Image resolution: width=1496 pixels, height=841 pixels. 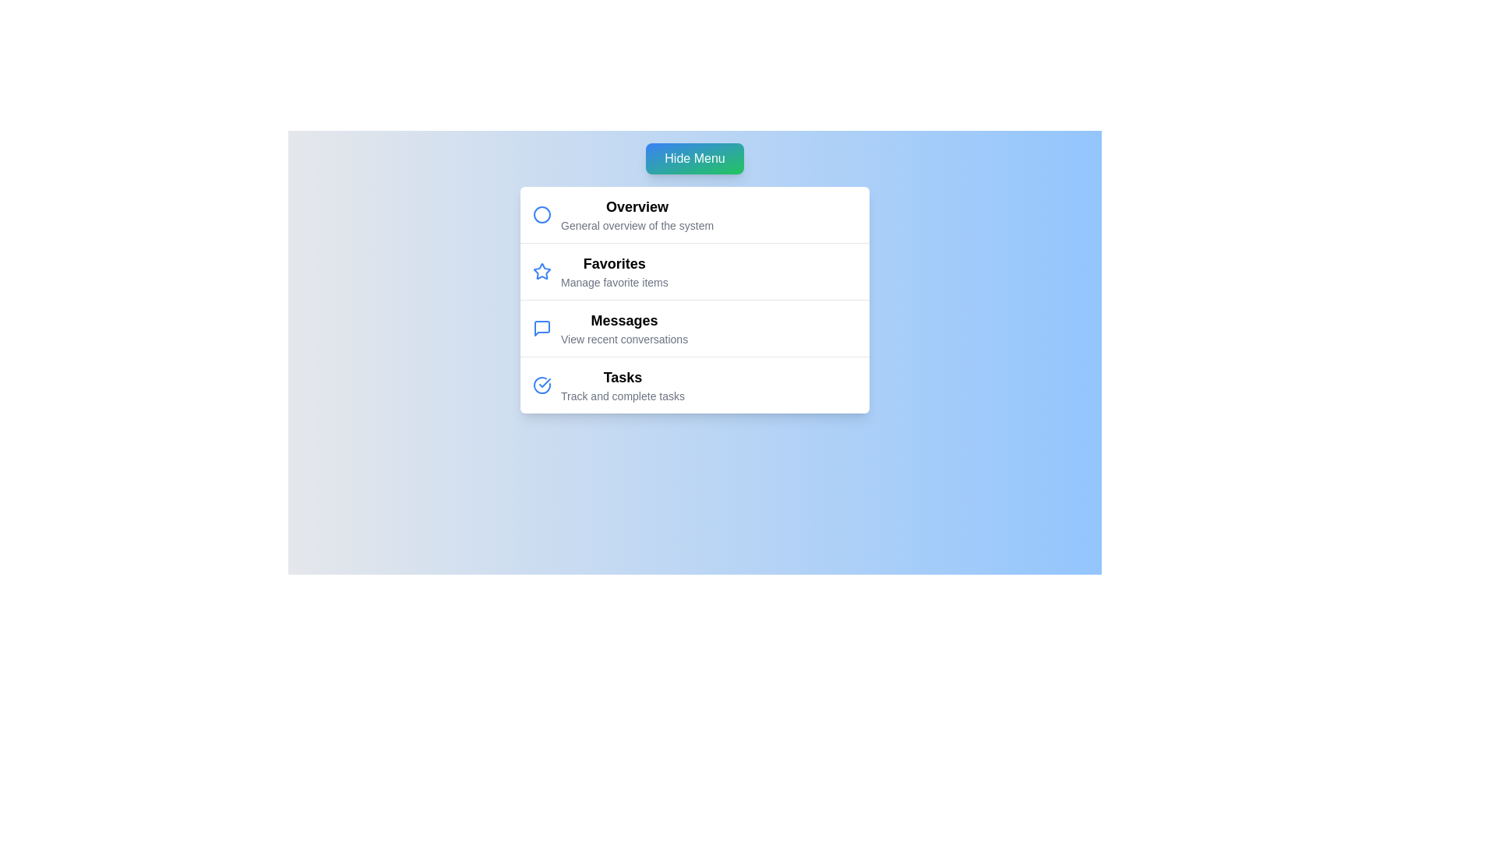 What do you see at coordinates (542, 215) in the screenshot?
I see `the menu item icon corresponding to Overview` at bounding box center [542, 215].